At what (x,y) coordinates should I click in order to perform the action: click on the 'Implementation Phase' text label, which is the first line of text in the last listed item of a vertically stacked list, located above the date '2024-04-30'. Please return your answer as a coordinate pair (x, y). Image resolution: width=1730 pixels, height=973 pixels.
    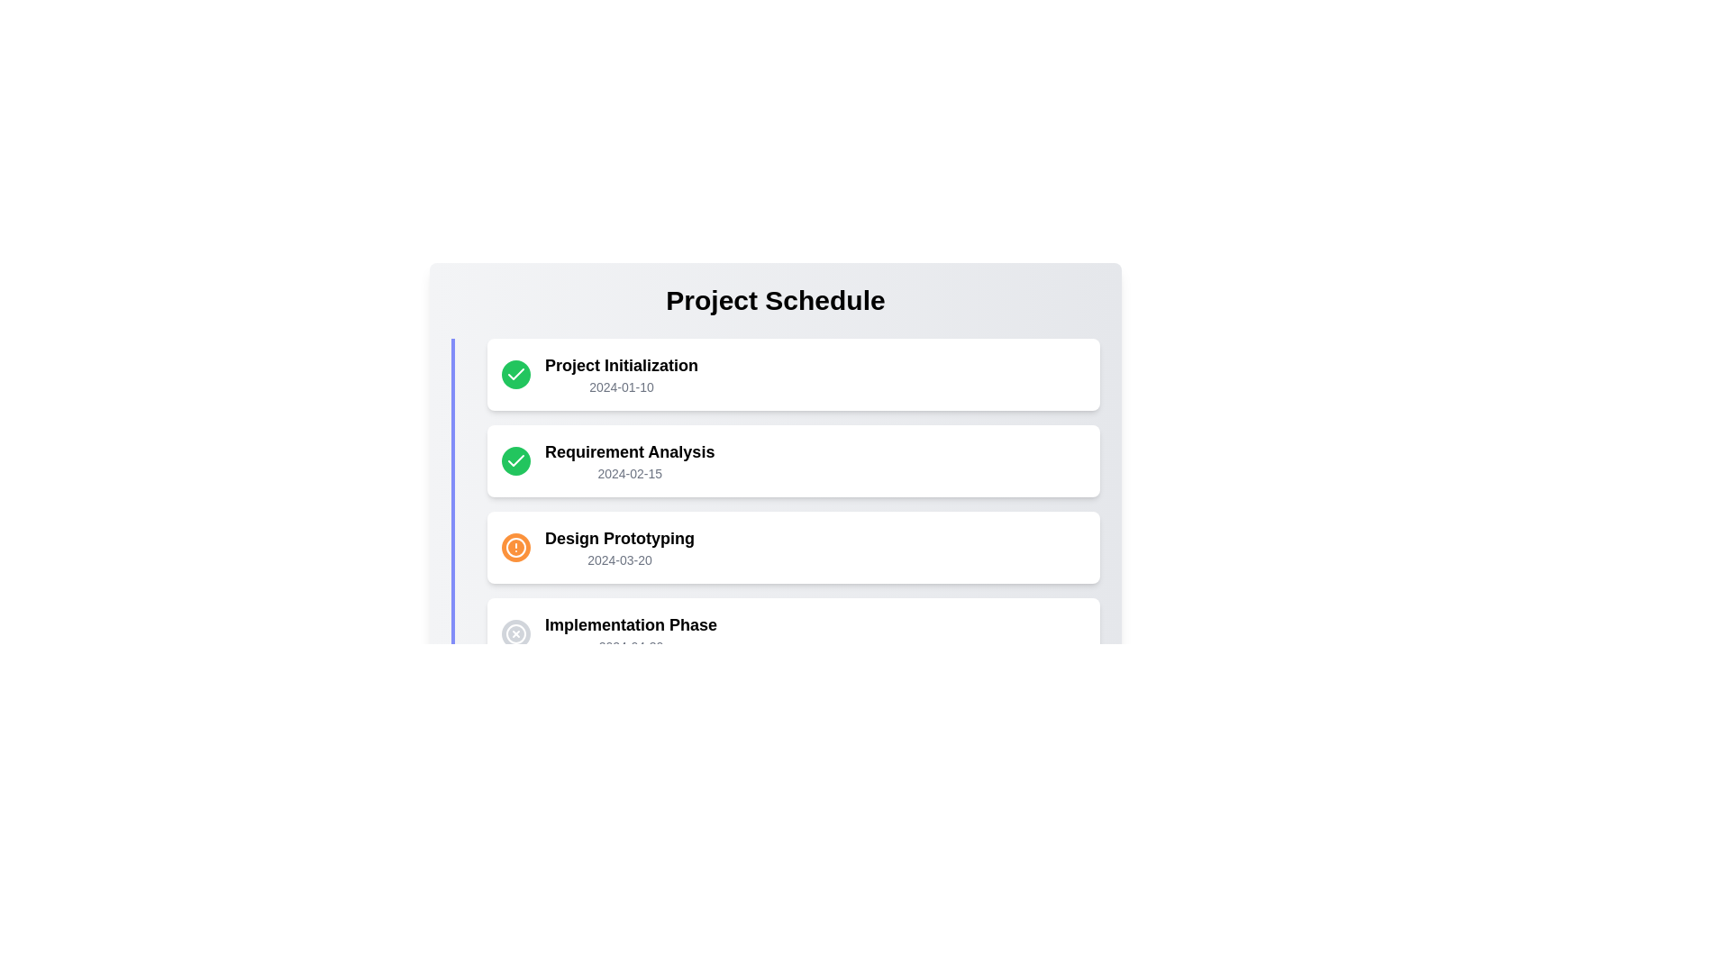
    Looking at the image, I should click on (631, 624).